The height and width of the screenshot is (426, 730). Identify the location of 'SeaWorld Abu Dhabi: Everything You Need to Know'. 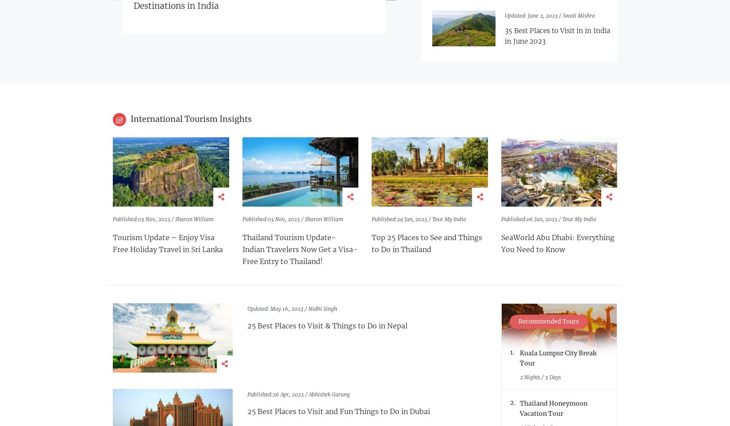
(557, 242).